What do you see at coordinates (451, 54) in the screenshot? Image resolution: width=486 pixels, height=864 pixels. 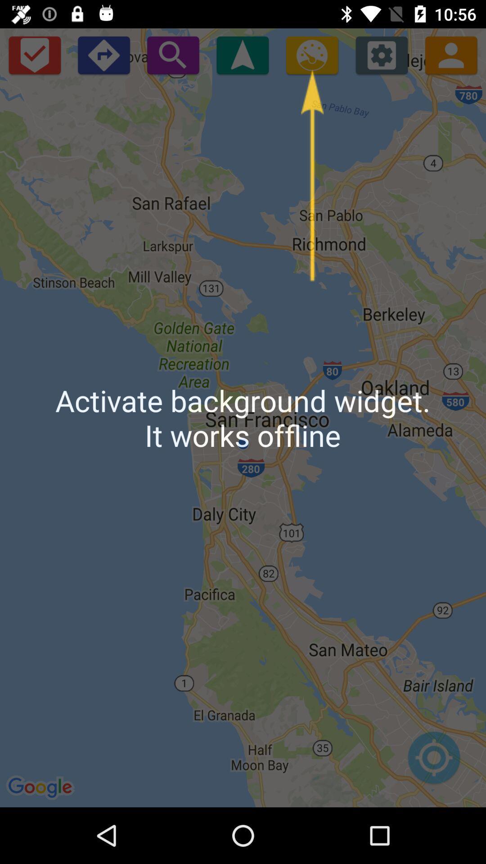 I see `your profile` at bounding box center [451, 54].